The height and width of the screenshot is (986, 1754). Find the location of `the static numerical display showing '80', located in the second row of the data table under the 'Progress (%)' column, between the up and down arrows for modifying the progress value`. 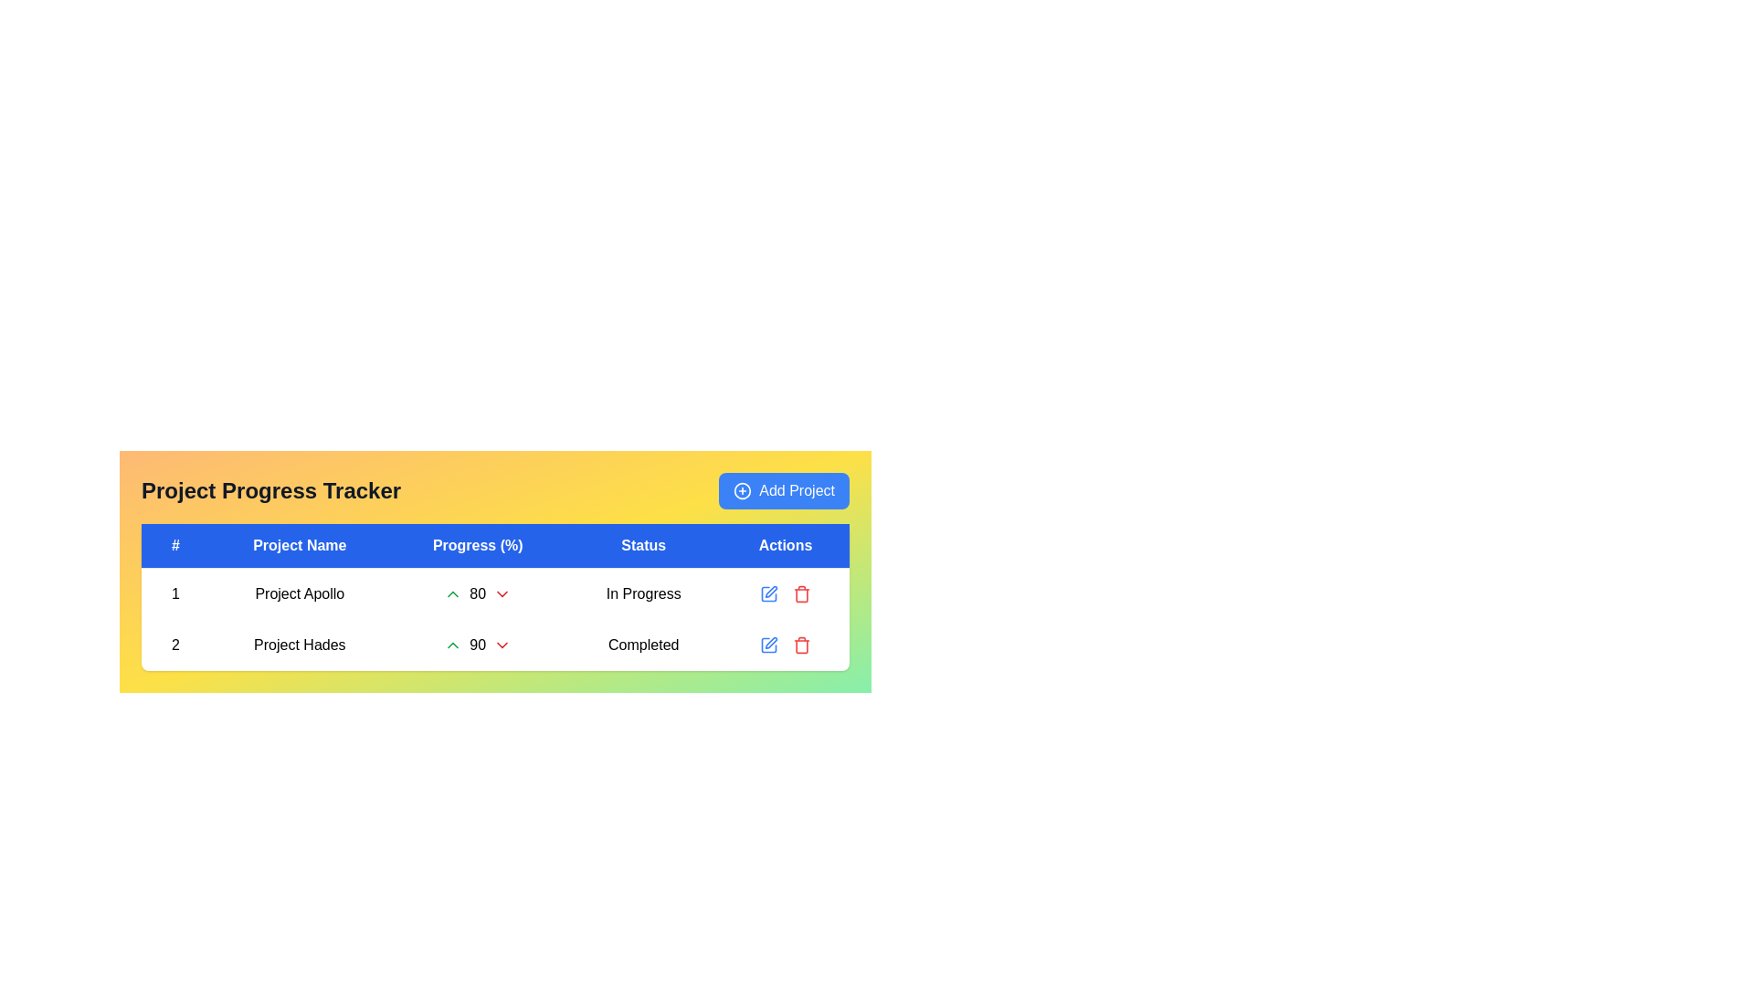

the static numerical display showing '80', located in the second row of the data table under the 'Progress (%)' column, between the up and down arrows for modifying the progress value is located at coordinates (478, 594).